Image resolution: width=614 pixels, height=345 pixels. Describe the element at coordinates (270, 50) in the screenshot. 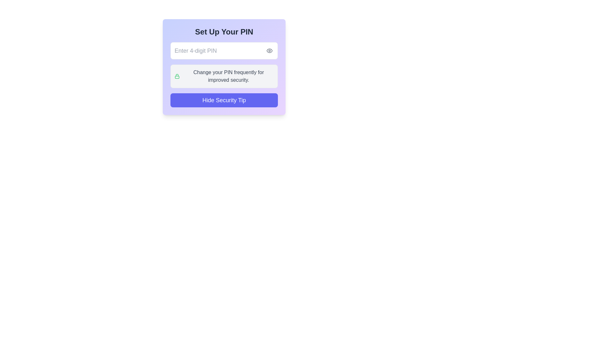

I see `the eye icon button located inside the 'Enter 4-digit PIN' text input field` at that location.